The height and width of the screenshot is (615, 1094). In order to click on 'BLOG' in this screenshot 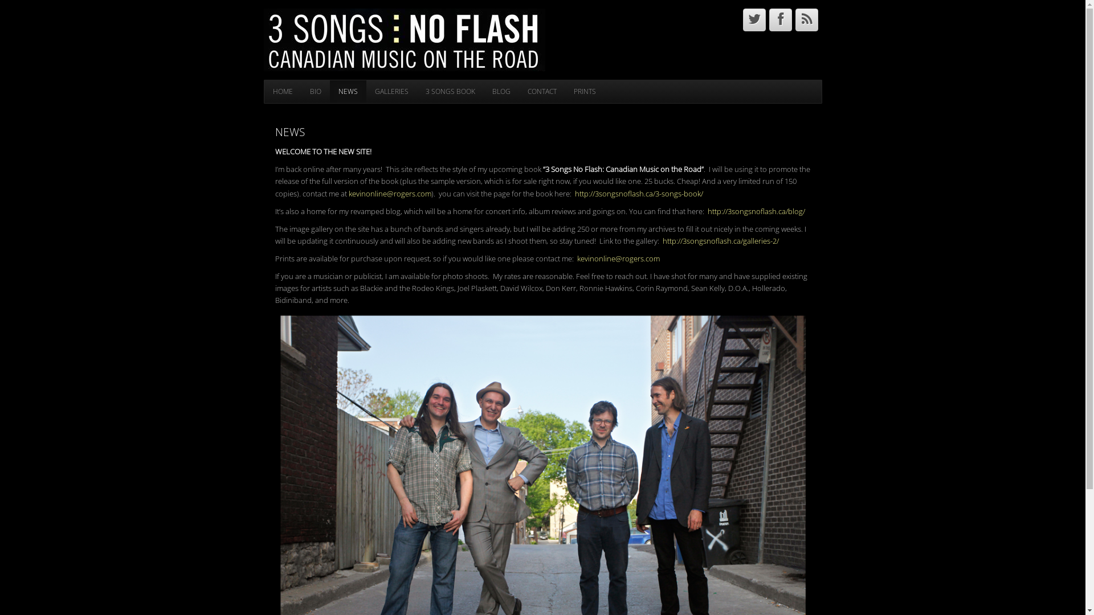, I will do `click(500, 91)`.